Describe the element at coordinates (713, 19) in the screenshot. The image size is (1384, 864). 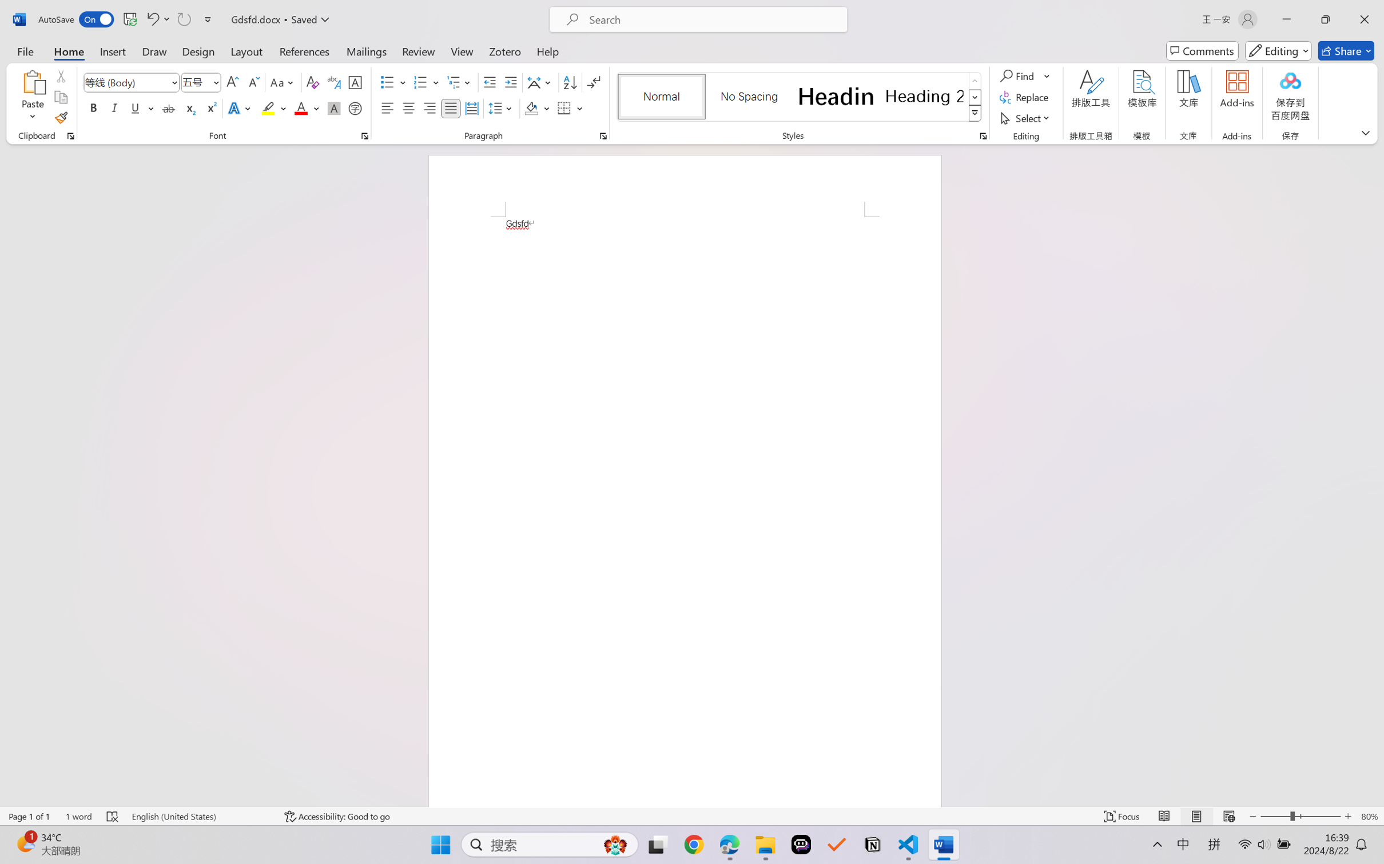
I see `'Microsoft search'` at that location.